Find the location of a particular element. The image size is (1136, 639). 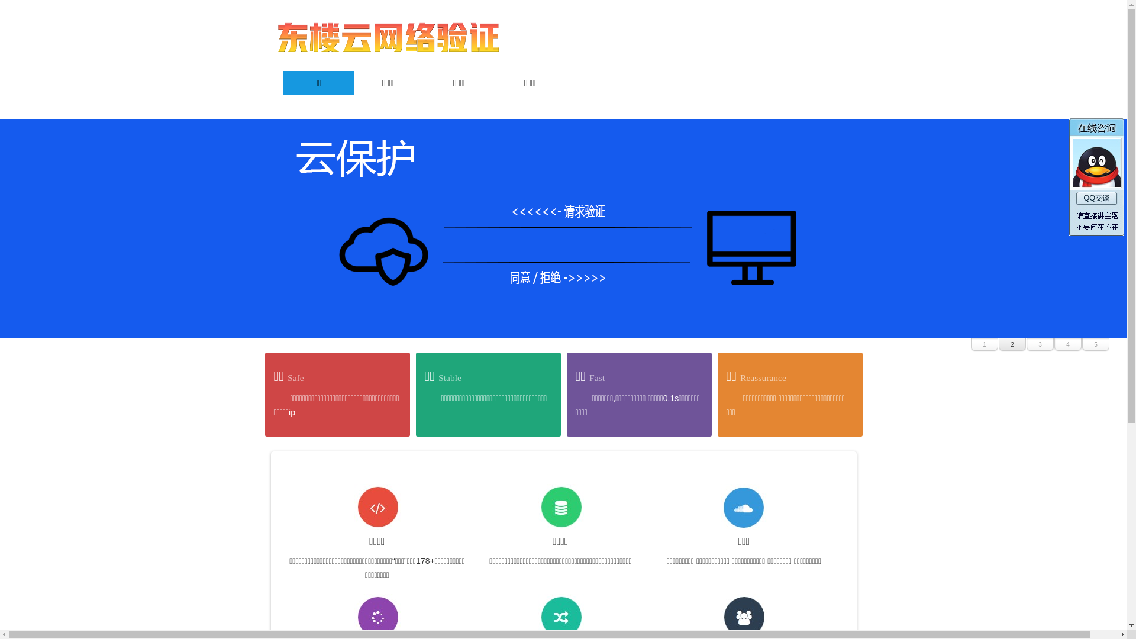

'2' is located at coordinates (998, 344).